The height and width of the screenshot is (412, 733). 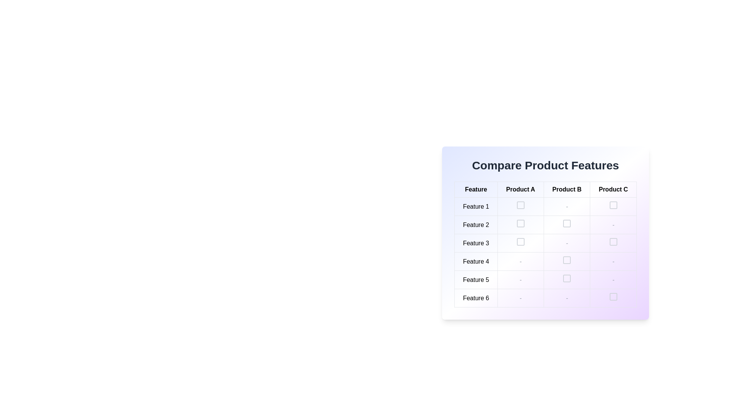 What do you see at coordinates (475, 280) in the screenshot?
I see `the Text label indicating 'Feature 5' in the comparative product feature table located in the fifth row under the 'Feature' column` at bounding box center [475, 280].